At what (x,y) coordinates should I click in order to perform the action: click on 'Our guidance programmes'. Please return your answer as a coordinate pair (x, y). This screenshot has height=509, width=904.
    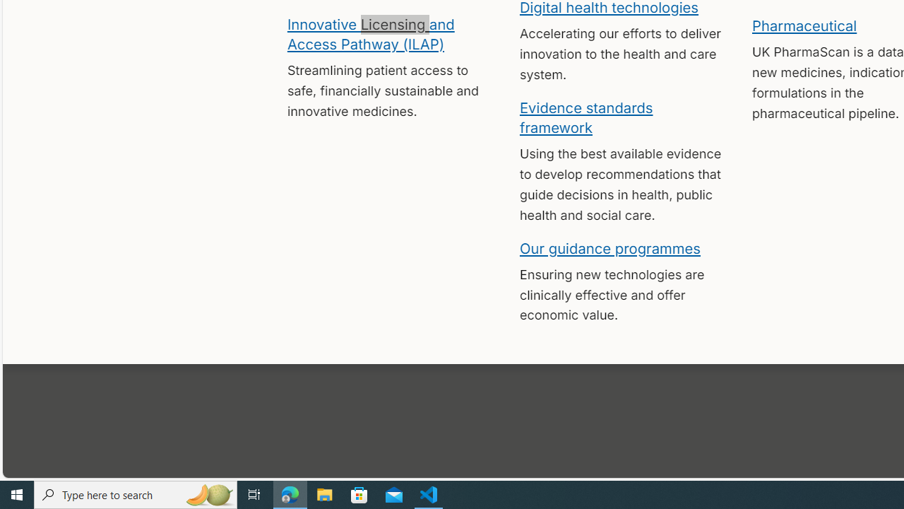
    Looking at the image, I should click on (610, 247).